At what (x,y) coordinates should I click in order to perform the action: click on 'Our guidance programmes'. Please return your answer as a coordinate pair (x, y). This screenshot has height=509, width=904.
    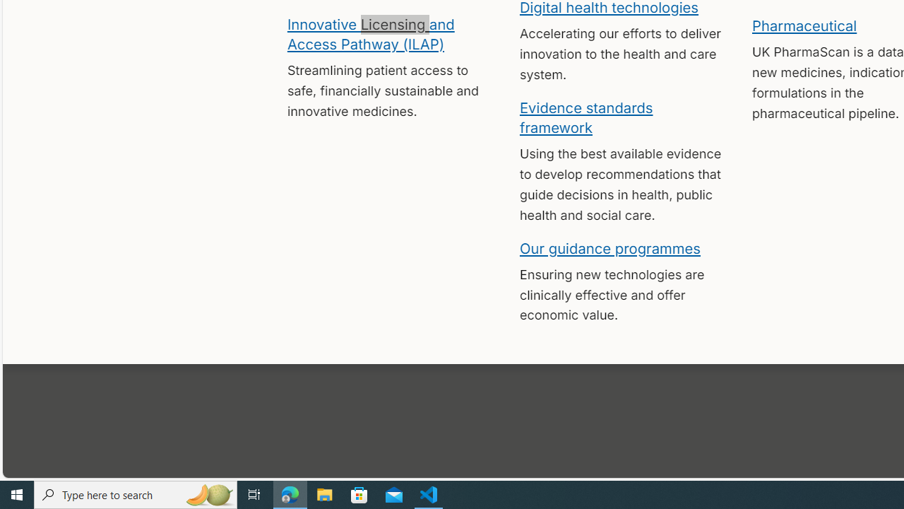
    Looking at the image, I should click on (610, 247).